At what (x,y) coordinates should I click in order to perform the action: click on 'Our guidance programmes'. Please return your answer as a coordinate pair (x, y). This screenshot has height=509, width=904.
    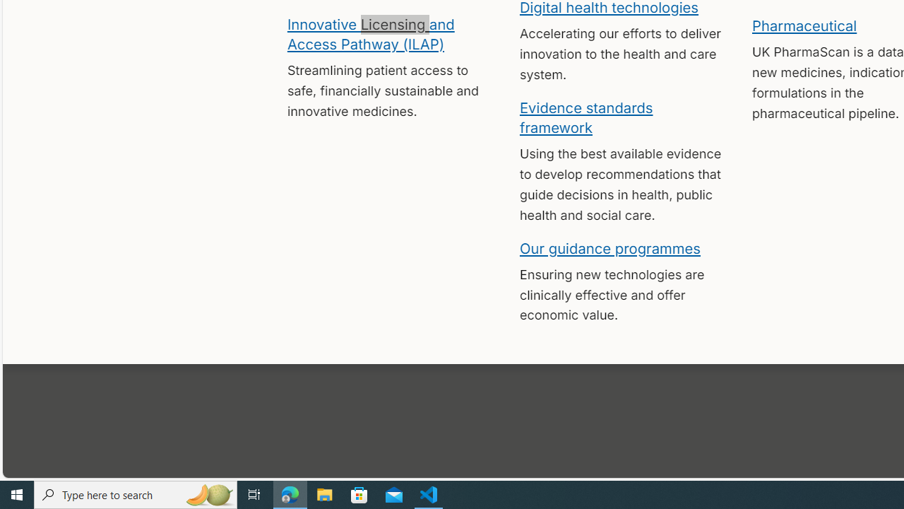
    Looking at the image, I should click on (610, 247).